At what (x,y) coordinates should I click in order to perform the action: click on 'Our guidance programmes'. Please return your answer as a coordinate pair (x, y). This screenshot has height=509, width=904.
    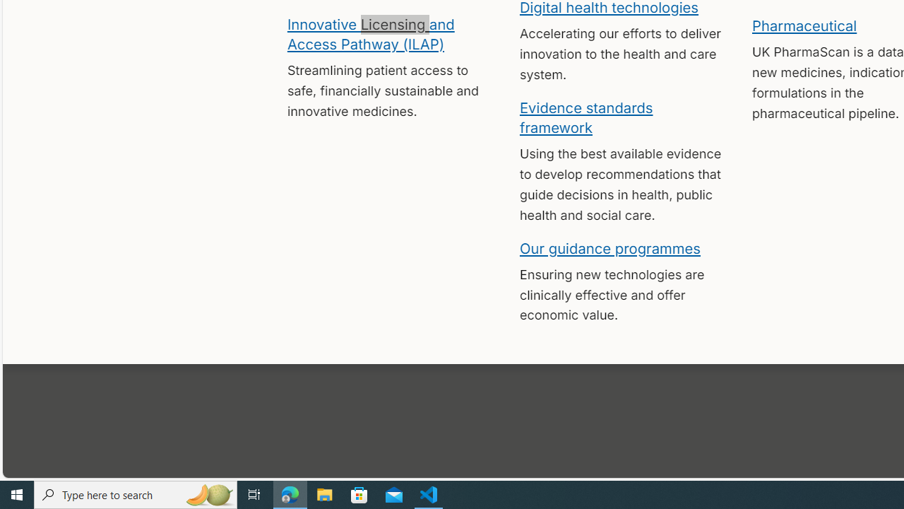
    Looking at the image, I should click on (610, 247).